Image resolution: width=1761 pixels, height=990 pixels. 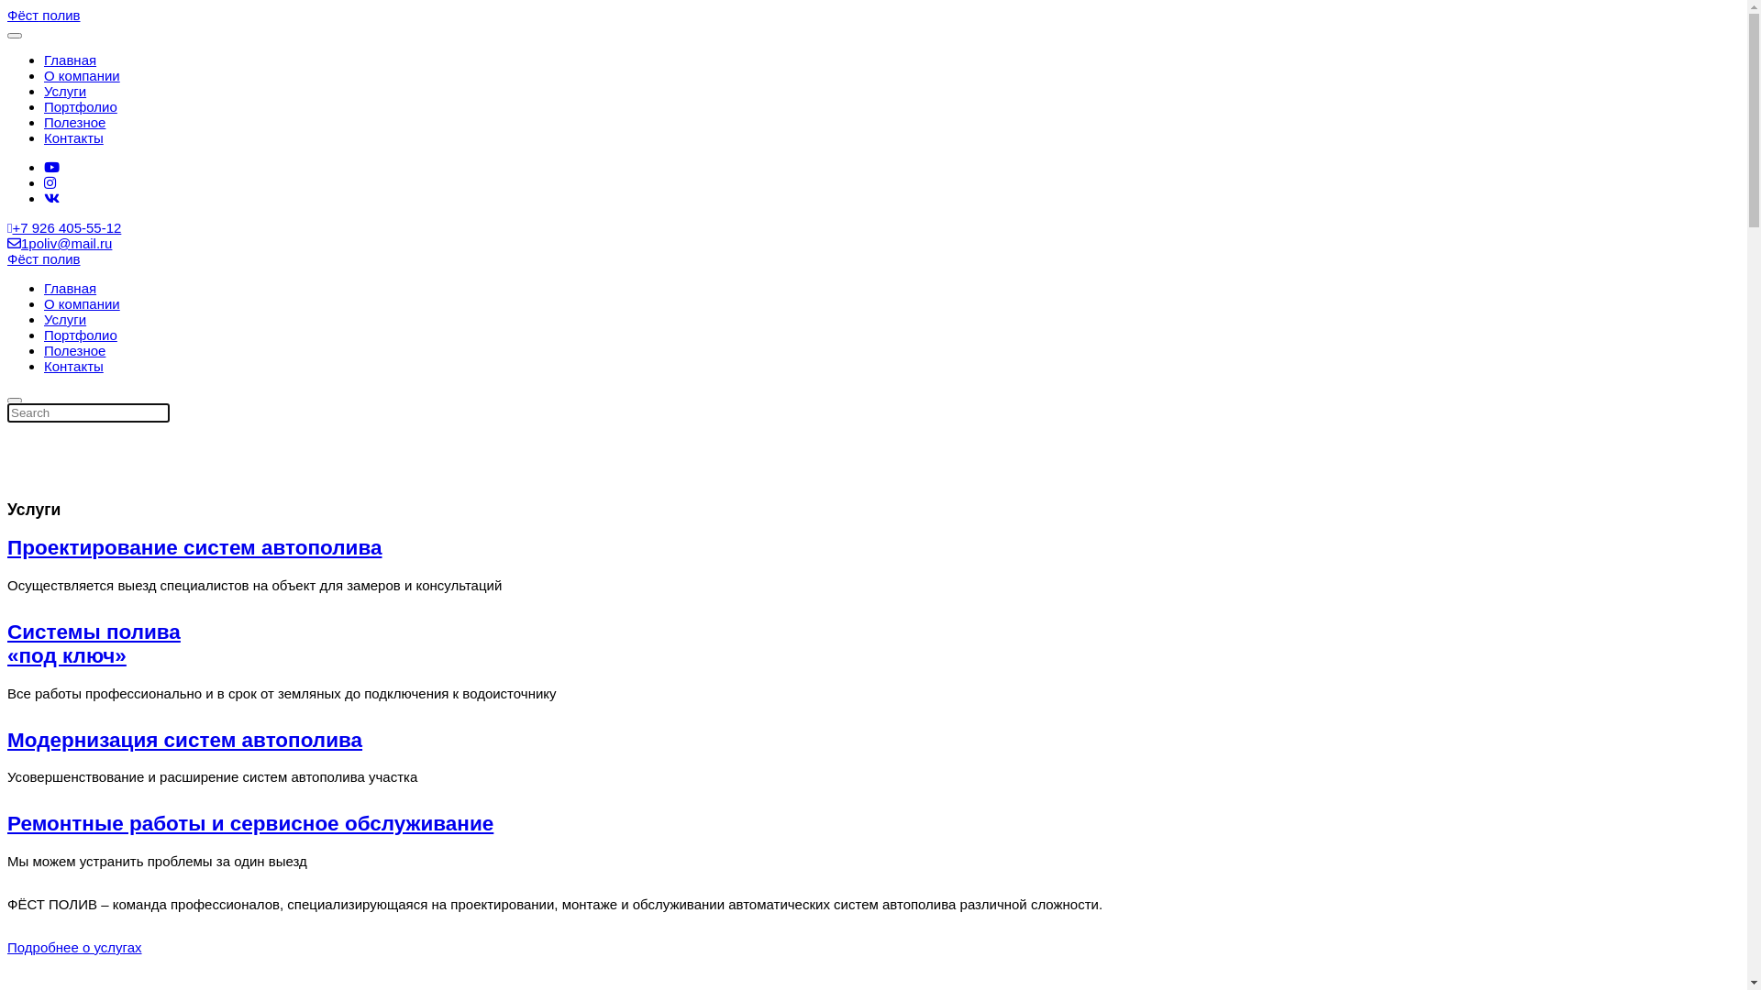 What do you see at coordinates (60, 242) in the screenshot?
I see `'1poliv@mail.ru'` at bounding box center [60, 242].